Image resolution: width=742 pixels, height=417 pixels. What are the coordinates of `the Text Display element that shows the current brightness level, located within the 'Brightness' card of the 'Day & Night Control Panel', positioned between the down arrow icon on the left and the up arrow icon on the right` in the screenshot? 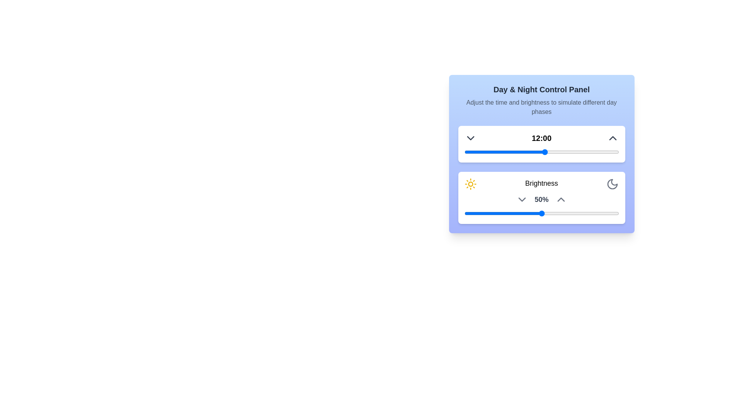 It's located at (541, 199).